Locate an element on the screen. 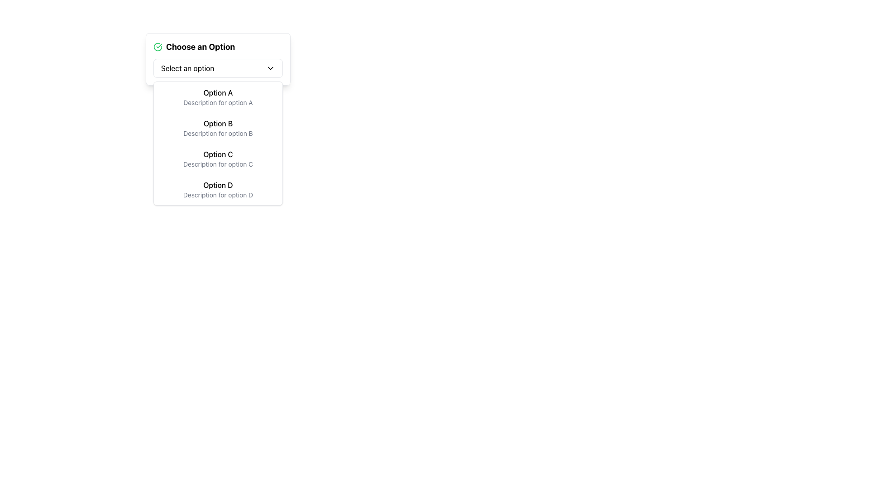 Image resolution: width=869 pixels, height=489 pixels. the dropdown toggle icon on the far right of the 'Select an option' text is located at coordinates (270, 67).